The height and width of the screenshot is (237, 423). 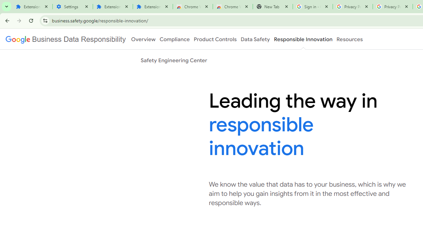 What do you see at coordinates (66, 39) in the screenshot?
I see `'Google logo'` at bounding box center [66, 39].